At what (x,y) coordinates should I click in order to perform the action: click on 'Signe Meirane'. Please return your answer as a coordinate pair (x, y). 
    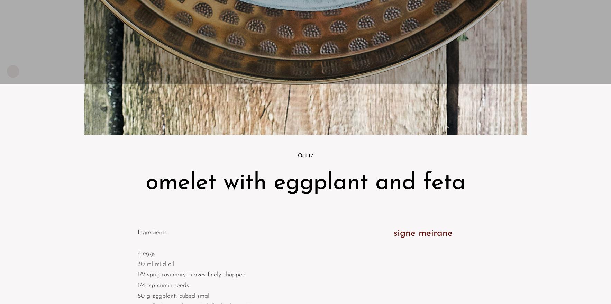
    Looking at the image, I should click on (422, 233).